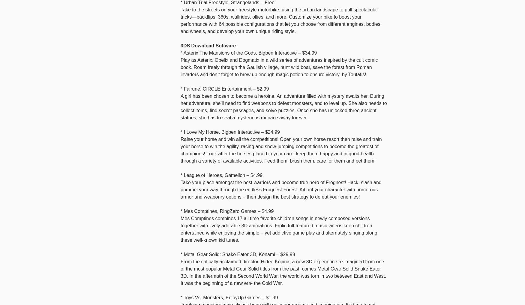 The image size is (525, 305). Describe the element at coordinates (181, 211) in the screenshot. I see `'* Mes Comptines, RingZero Games – $4.99'` at that location.